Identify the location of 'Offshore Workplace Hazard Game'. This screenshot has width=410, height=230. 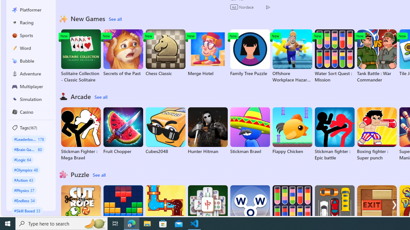
(292, 56).